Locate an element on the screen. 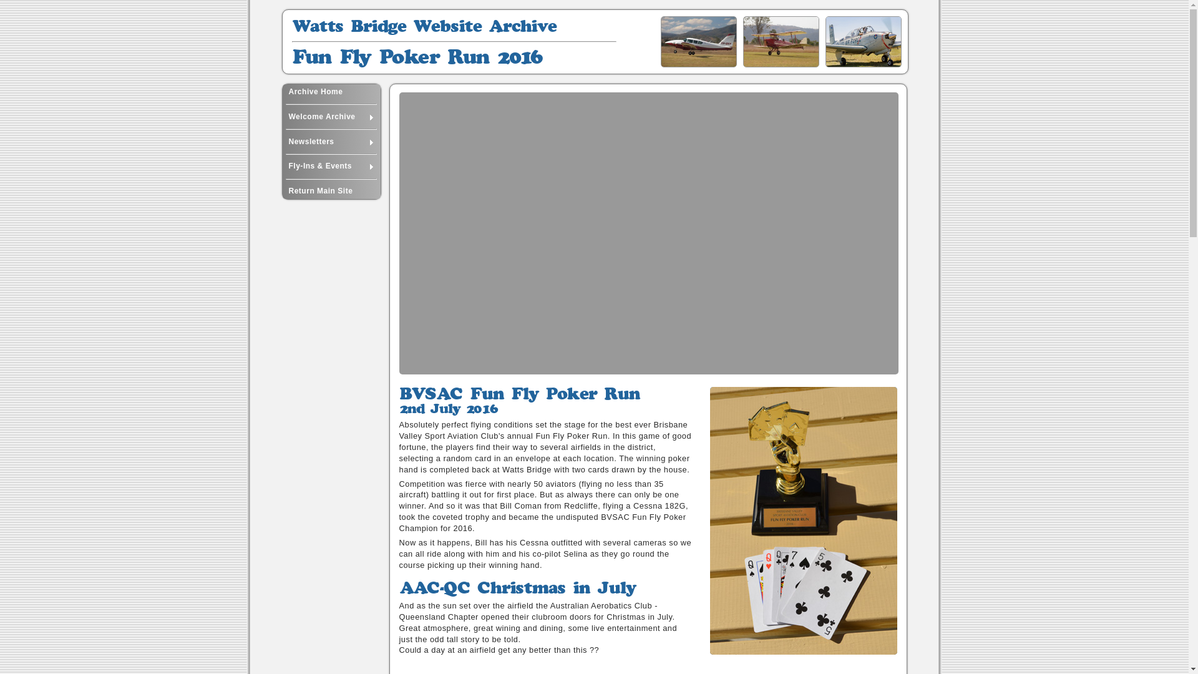 The image size is (1198, 674). 'Return Main Site' is located at coordinates (331, 191).